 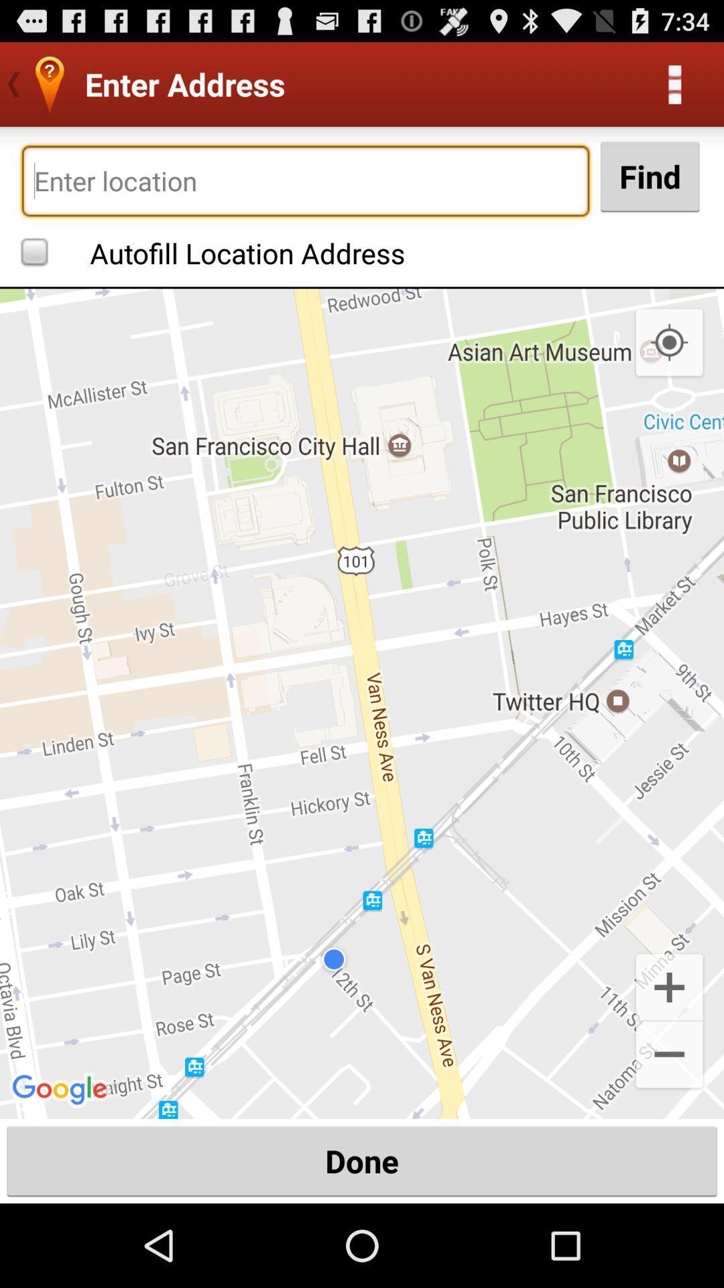 I want to click on the add icon, so click(x=669, y=1055).